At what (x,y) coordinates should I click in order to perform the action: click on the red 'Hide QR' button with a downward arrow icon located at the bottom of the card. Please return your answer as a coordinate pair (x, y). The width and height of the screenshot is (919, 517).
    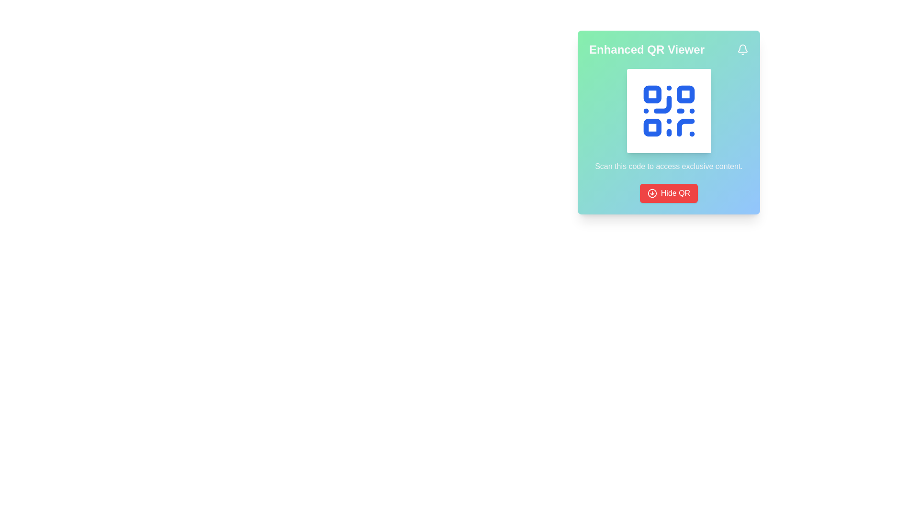
    Looking at the image, I should click on (668, 193).